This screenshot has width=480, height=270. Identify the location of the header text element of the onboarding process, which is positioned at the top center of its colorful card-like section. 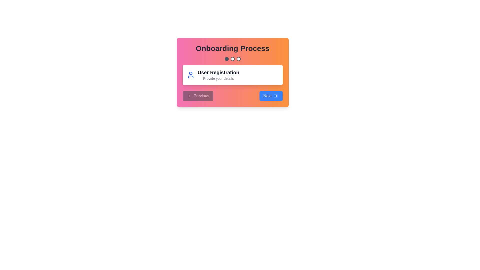
(232, 48).